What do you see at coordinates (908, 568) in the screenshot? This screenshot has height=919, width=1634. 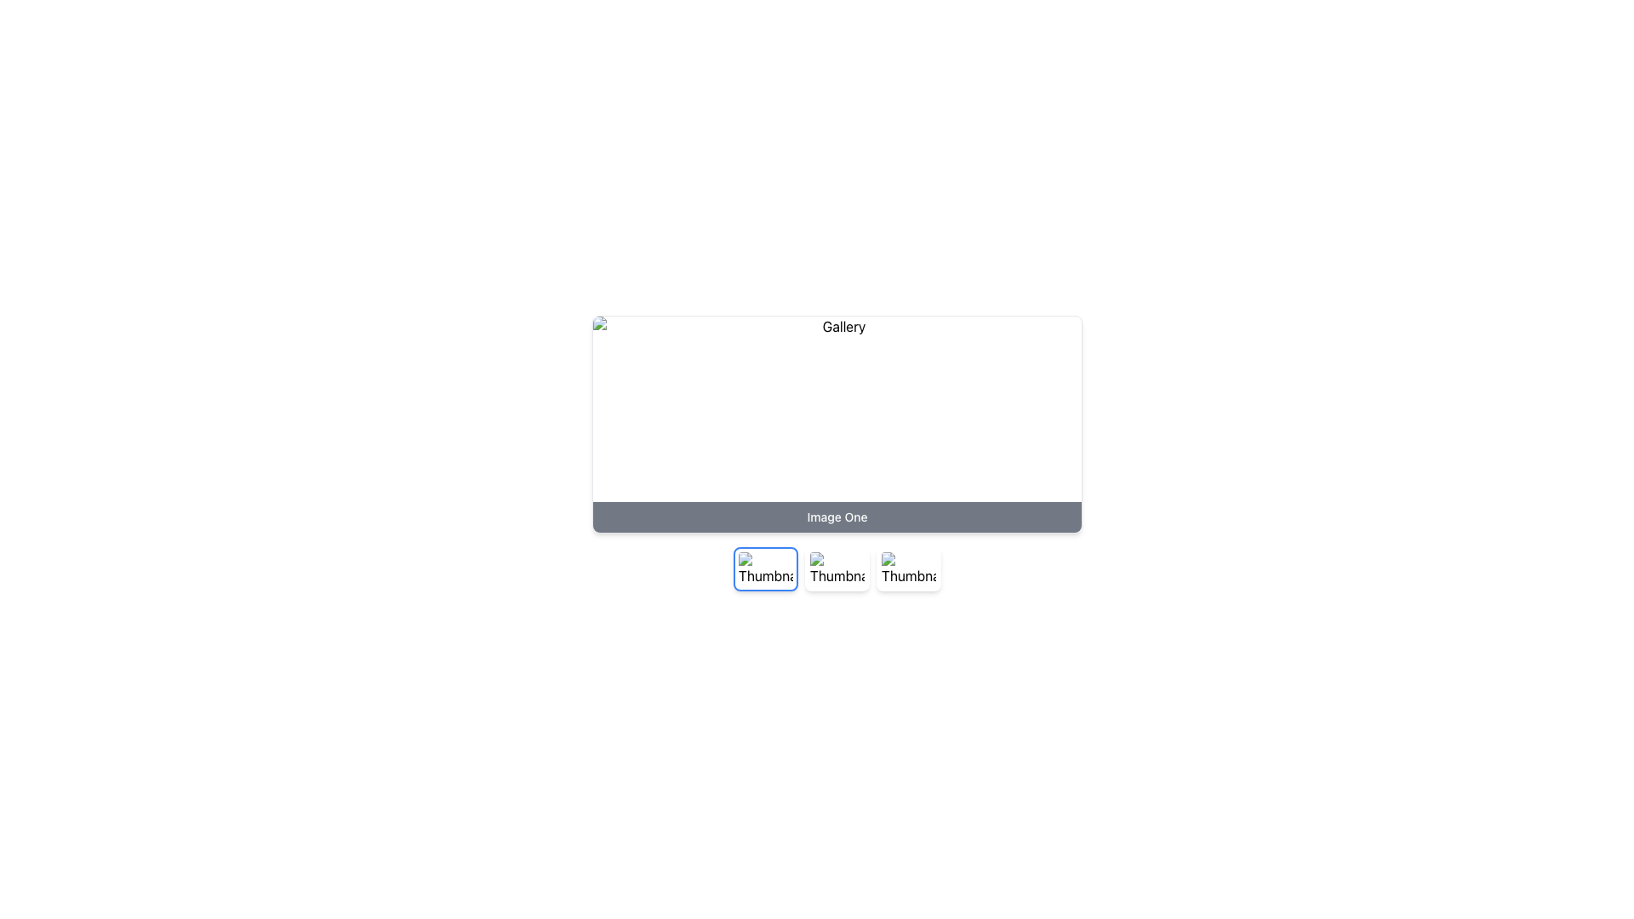 I see `the rightmost image thumbnail in the gallery to trigger visual effects` at bounding box center [908, 568].